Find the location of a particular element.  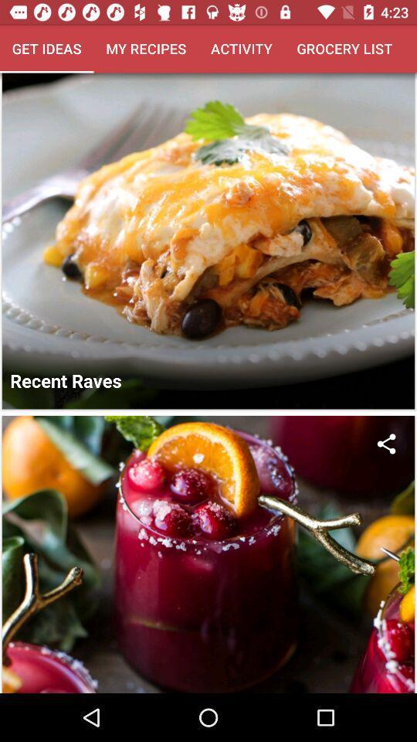

the second picture is located at coordinates (208, 554).